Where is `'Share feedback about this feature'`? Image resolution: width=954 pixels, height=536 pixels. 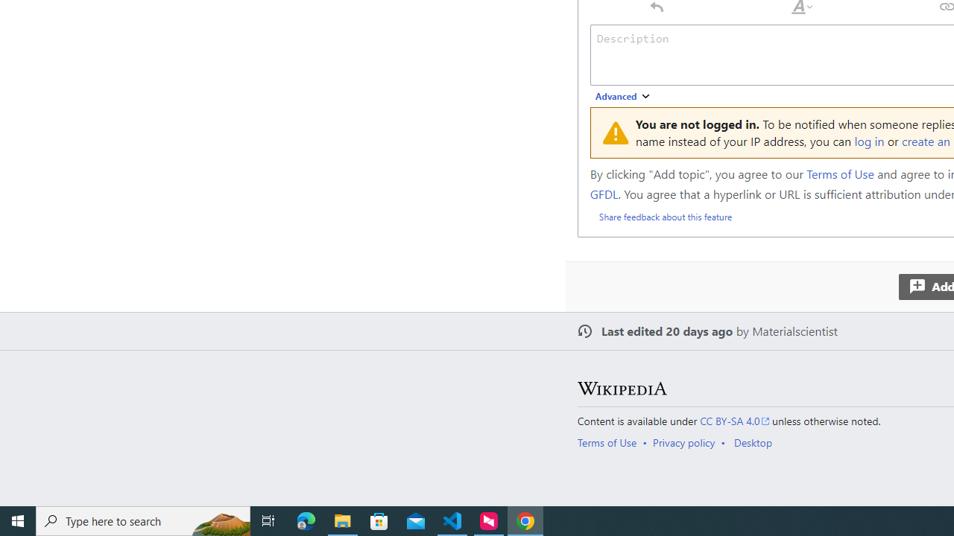 'Share feedback about this feature' is located at coordinates (664, 216).